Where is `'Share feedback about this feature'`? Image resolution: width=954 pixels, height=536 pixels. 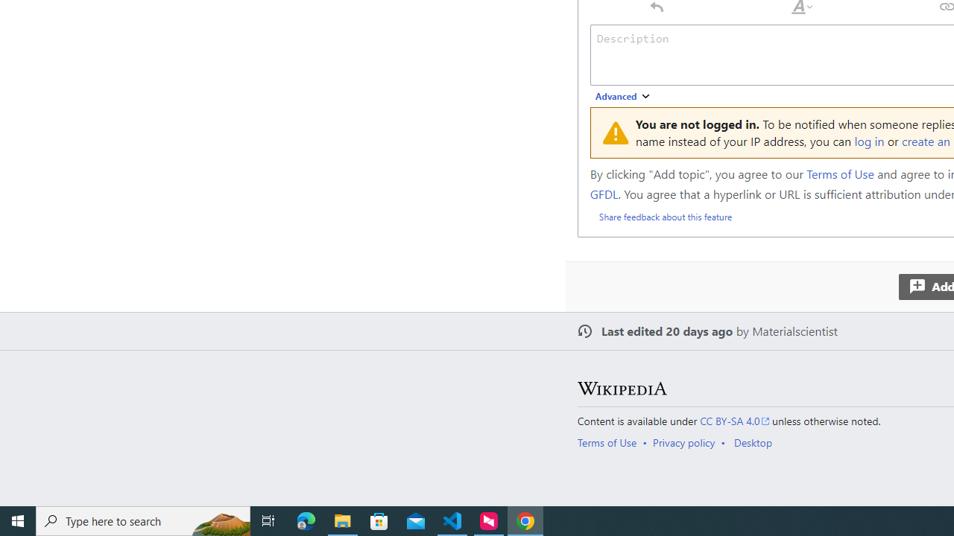 'Share feedback about this feature' is located at coordinates (664, 216).